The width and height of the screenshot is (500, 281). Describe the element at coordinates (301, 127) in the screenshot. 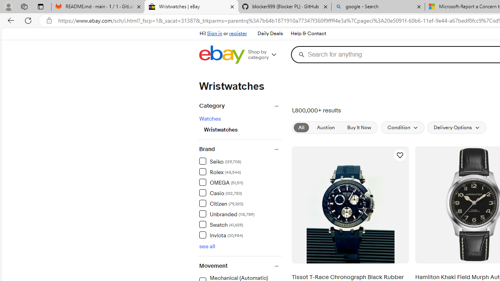

I see `'All selected'` at that location.